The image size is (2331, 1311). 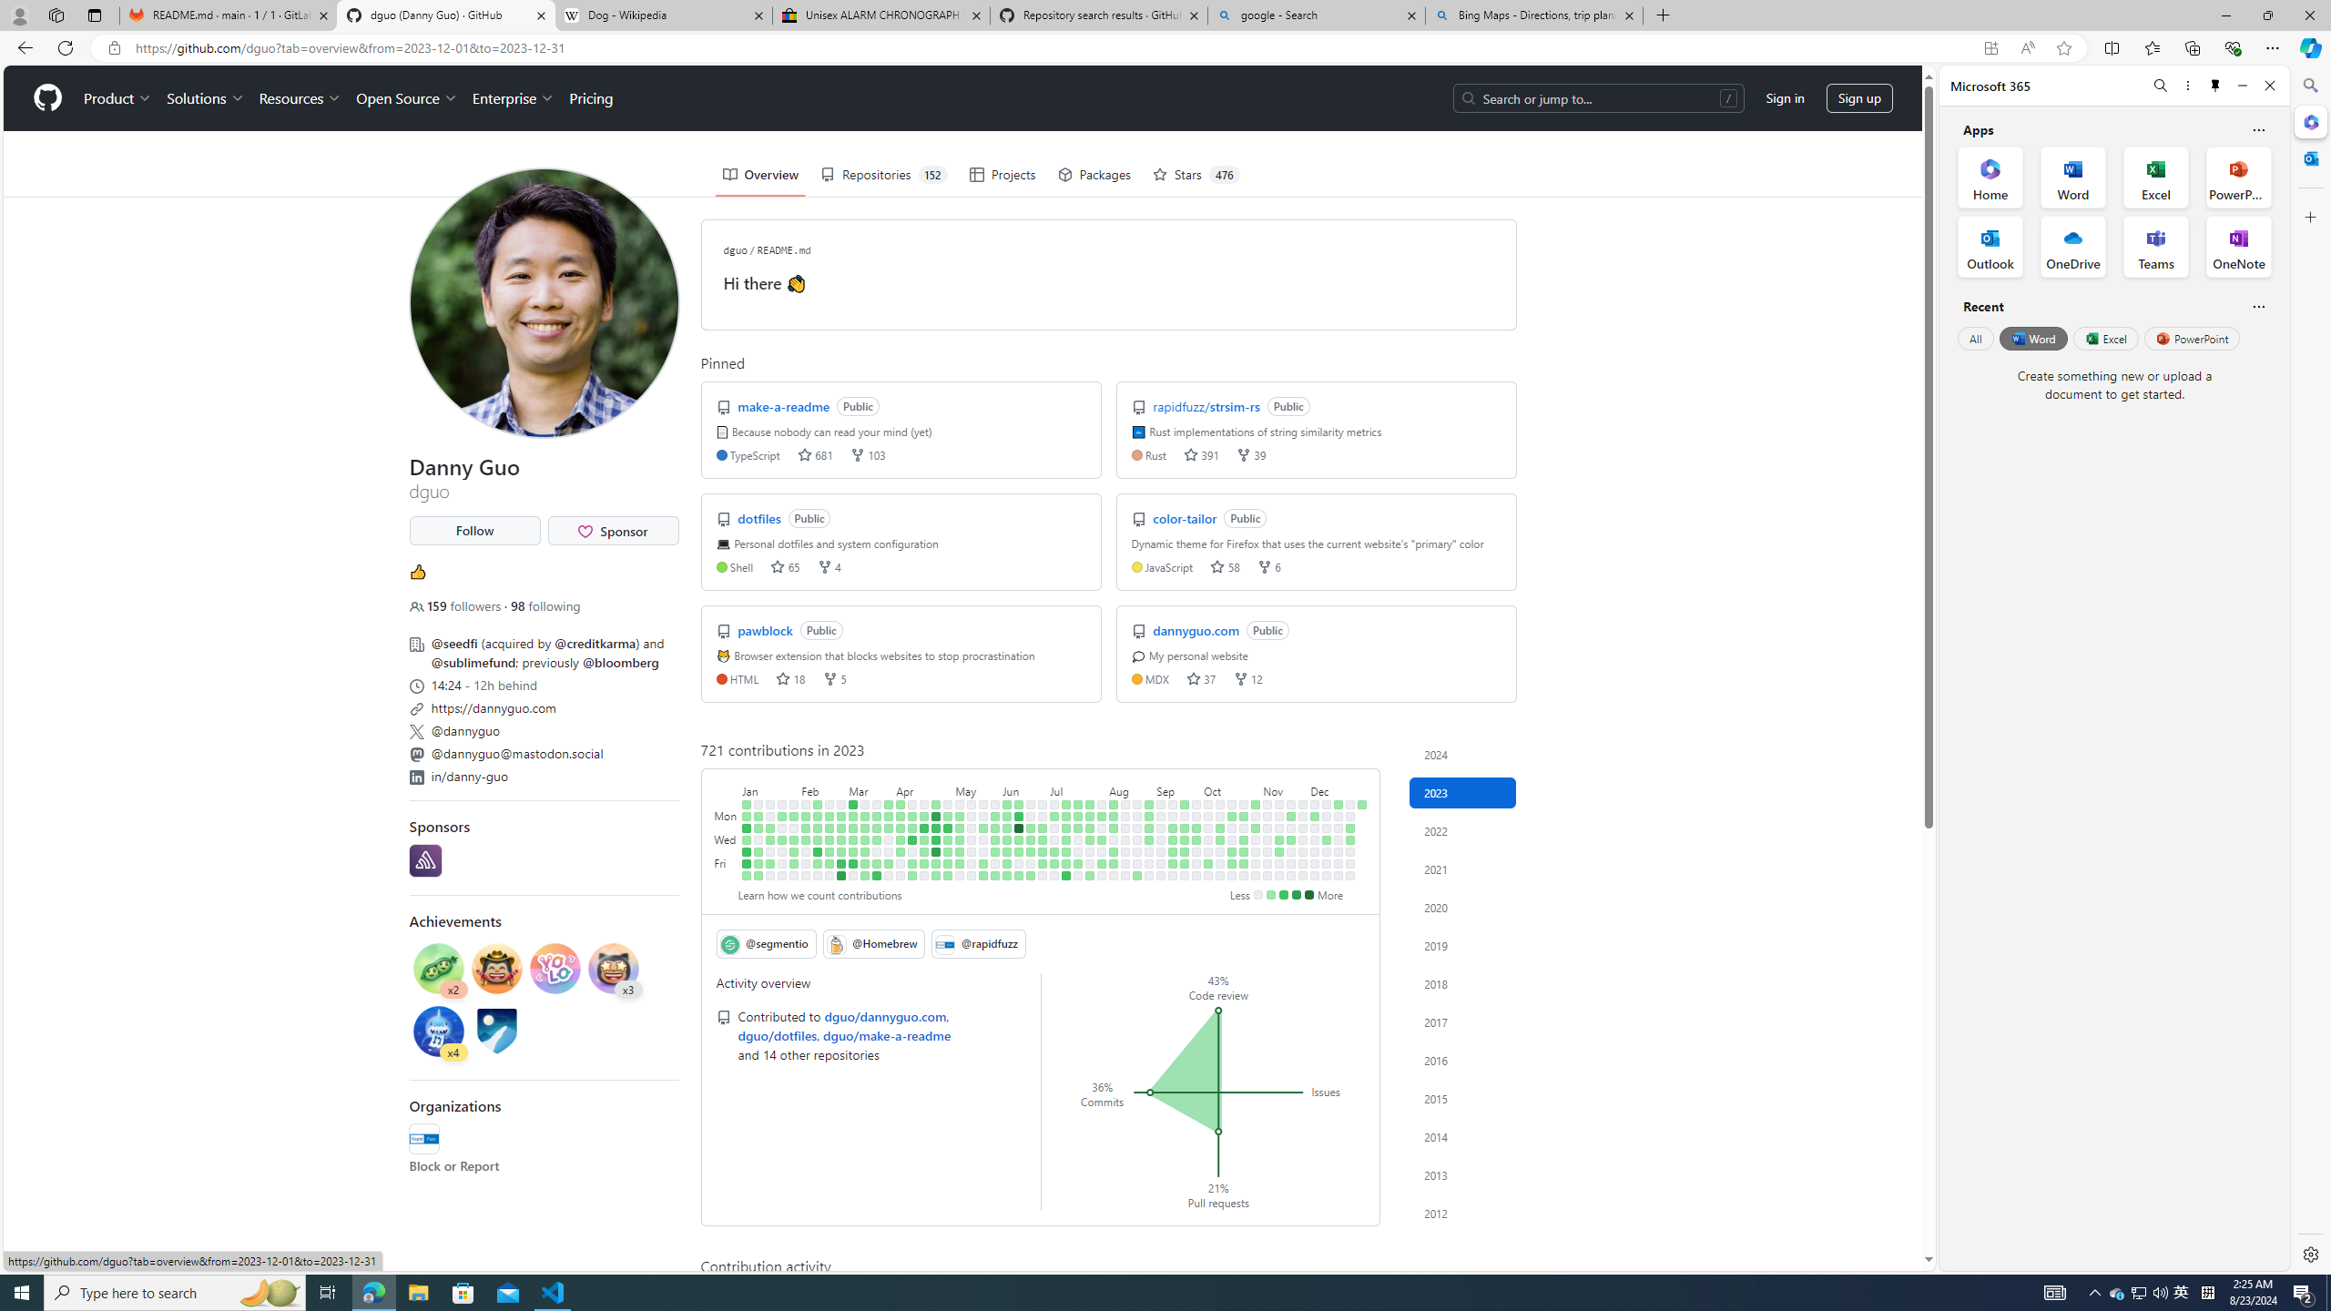 I want to click on 'Dog - Wikipedia', so click(x=664, y=15).